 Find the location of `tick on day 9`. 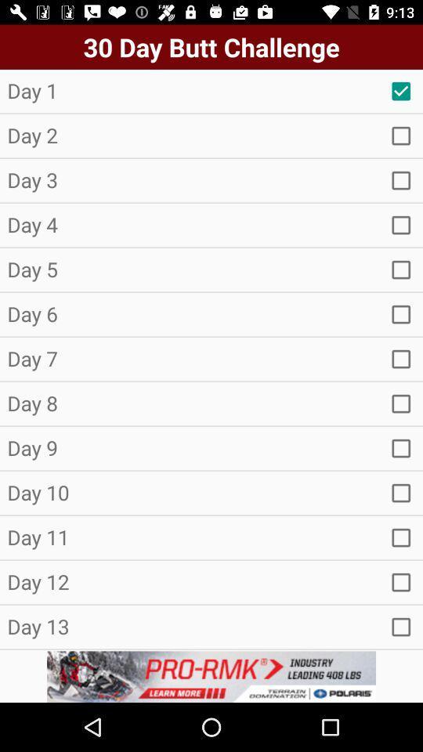

tick on day 9 is located at coordinates (401, 448).